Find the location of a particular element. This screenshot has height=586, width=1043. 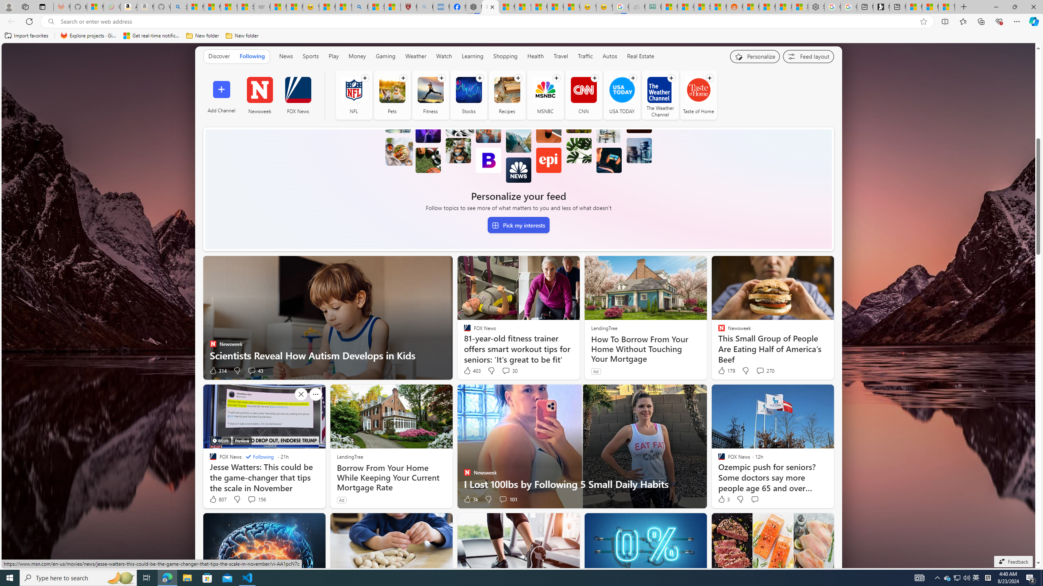

'Recipes' is located at coordinates (506, 90).